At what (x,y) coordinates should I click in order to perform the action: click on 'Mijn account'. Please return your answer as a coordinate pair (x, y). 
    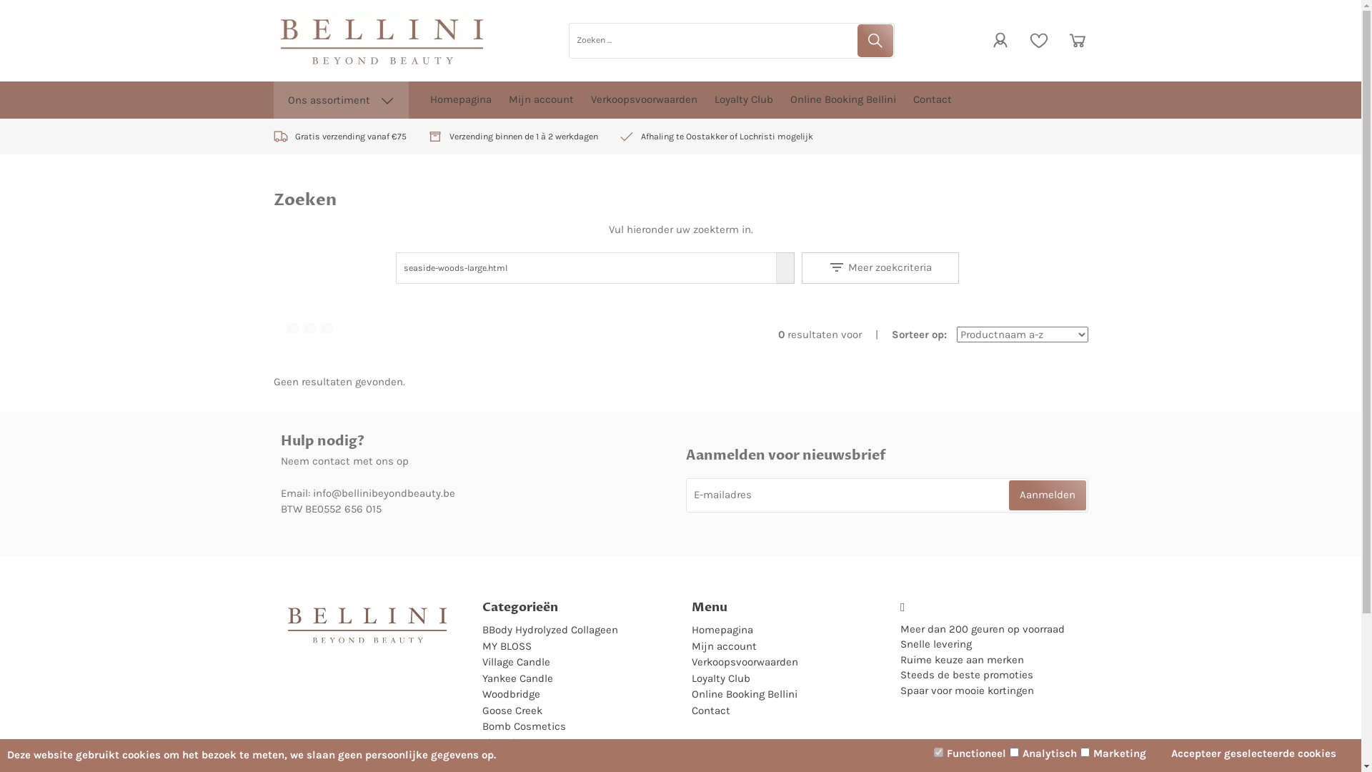
    Looking at the image, I should click on (540, 99).